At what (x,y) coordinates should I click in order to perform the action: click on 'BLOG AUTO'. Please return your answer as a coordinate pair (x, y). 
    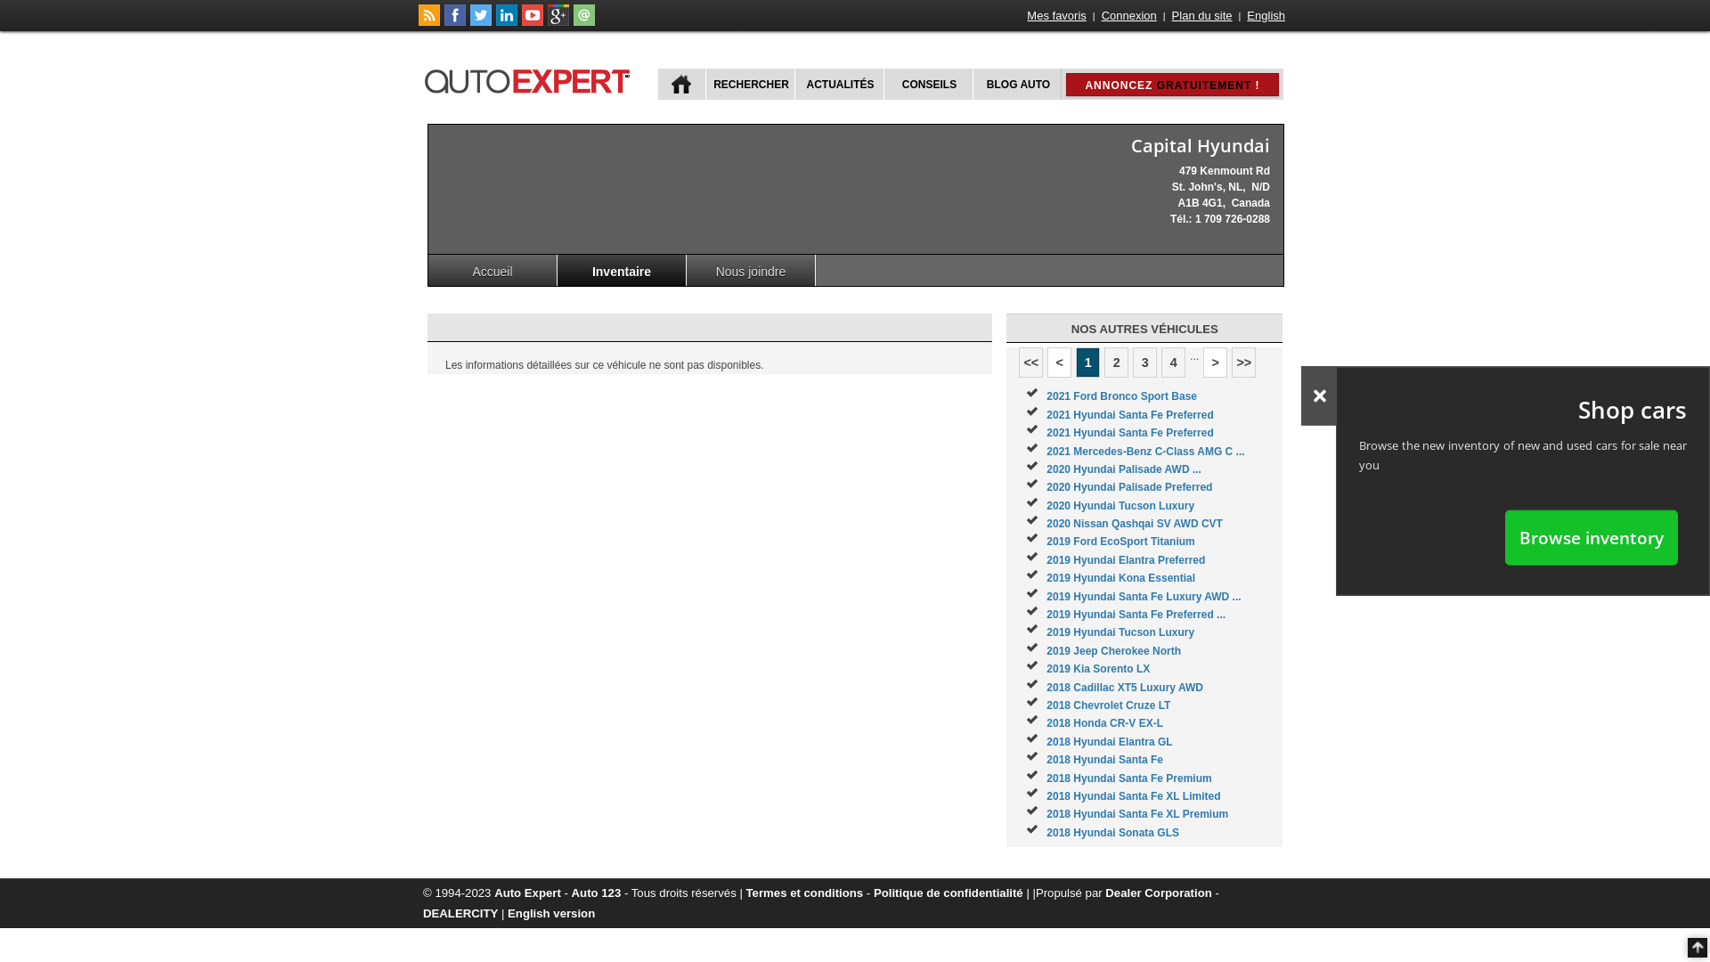
    Looking at the image, I should click on (1017, 84).